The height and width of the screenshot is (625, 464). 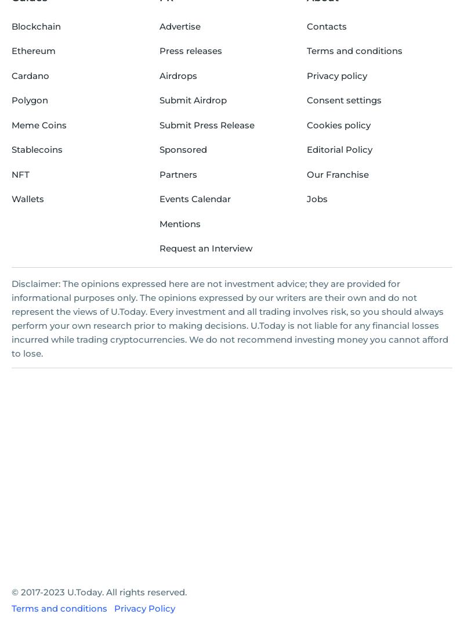 What do you see at coordinates (179, 222) in the screenshot?
I see `'Mentions'` at bounding box center [179, 222].